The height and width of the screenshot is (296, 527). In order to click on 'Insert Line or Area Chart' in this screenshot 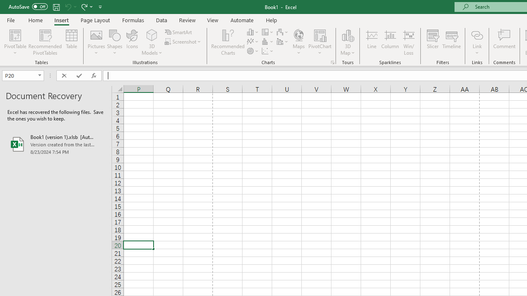, I will do `click(253, 42)`.